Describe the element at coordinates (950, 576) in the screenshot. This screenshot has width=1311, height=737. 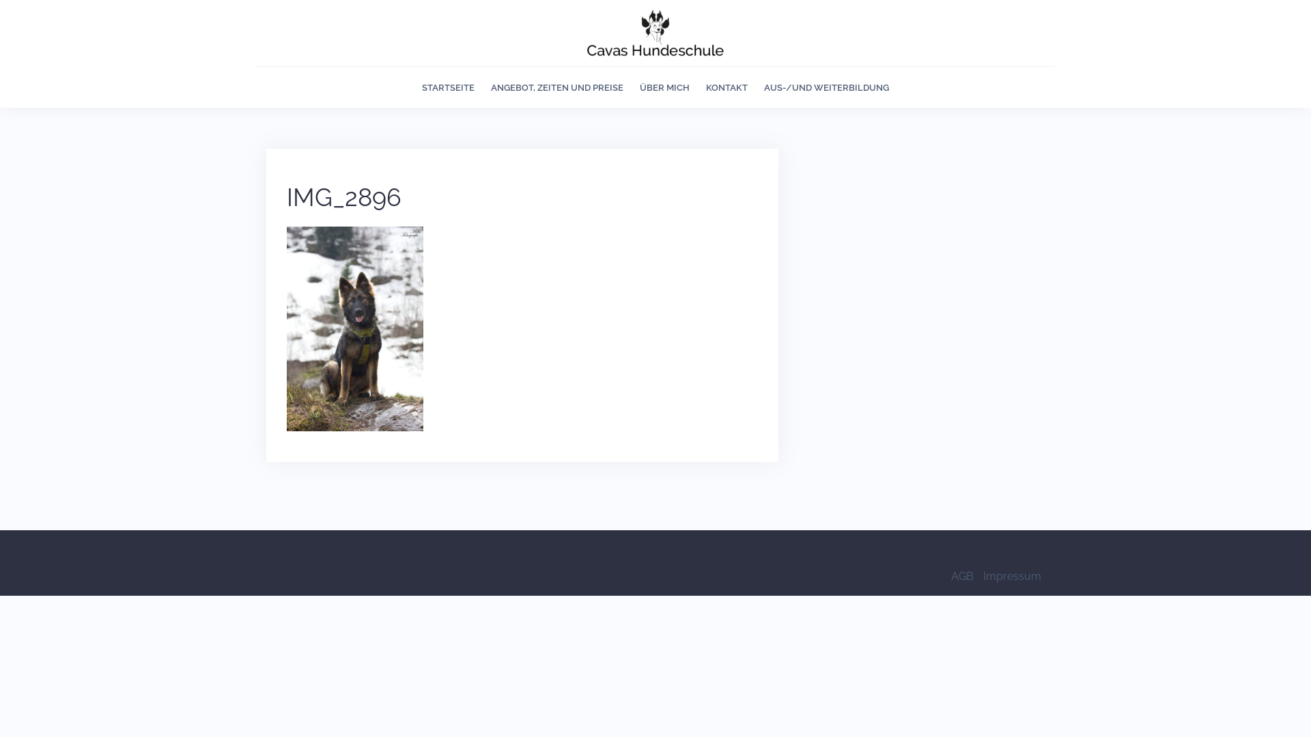
I see `'AGB'` at that location.